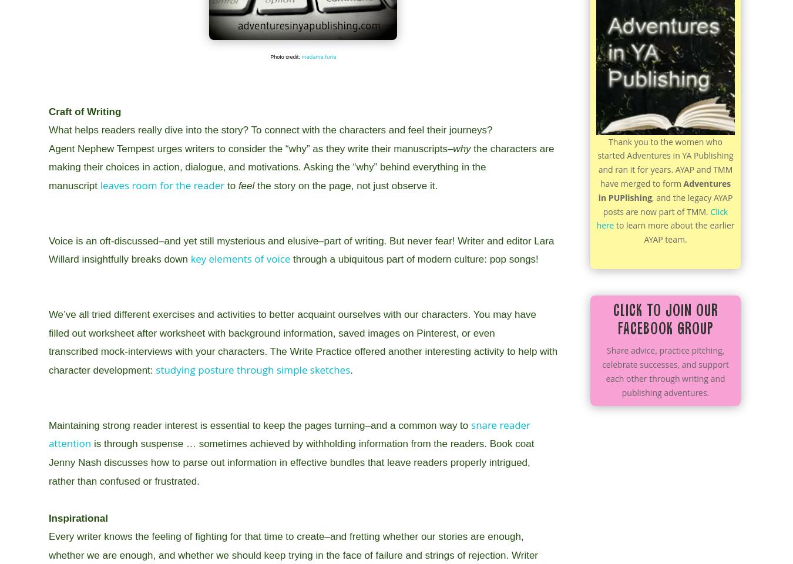 The width and height of the screenshot is (793, 564). What do you see at coordinates (300, 166) in the screenshot?
I see `'the characters are making their choices in action, dialogue, and motivations. Asking the “why” behind everything in the manuscript'` at bounding box center [300, 166].